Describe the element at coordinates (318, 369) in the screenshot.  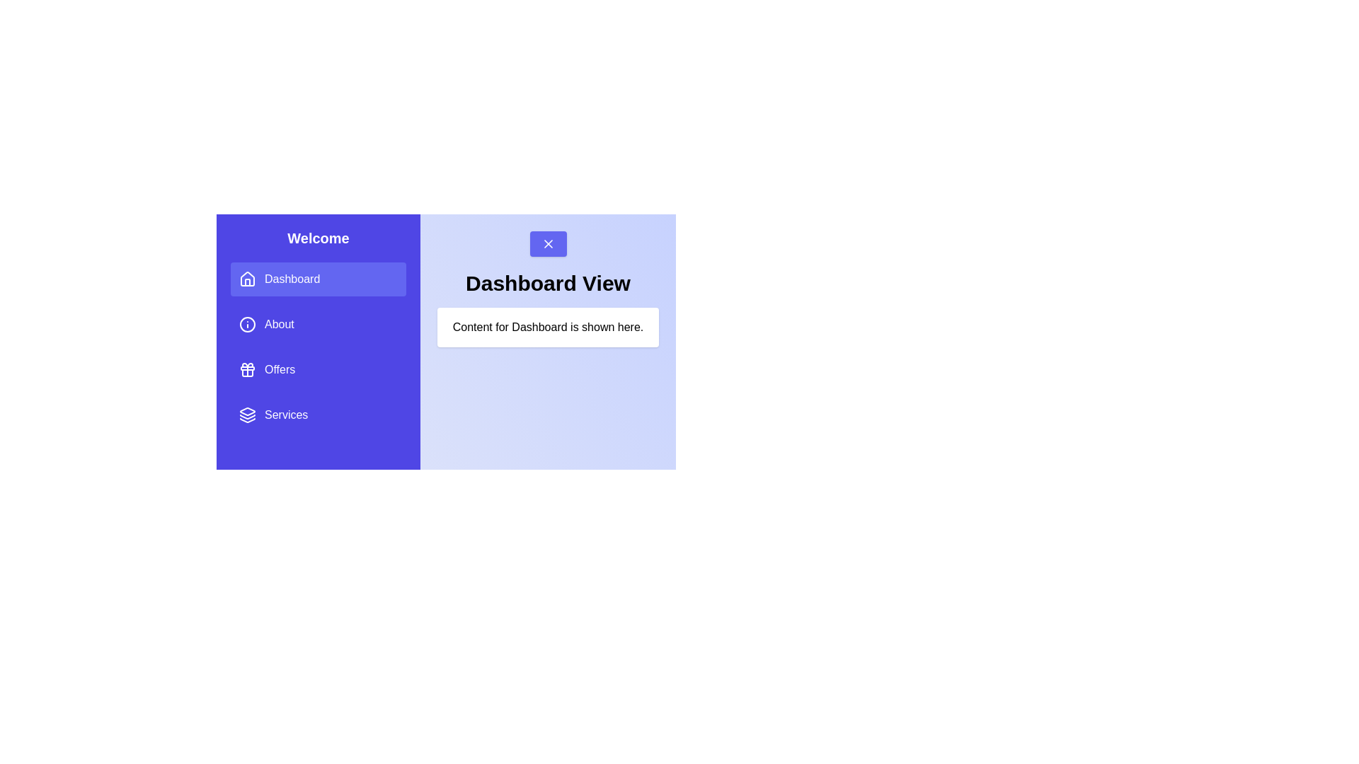
I see `the menu item Offers to change the displayed content` at that location.